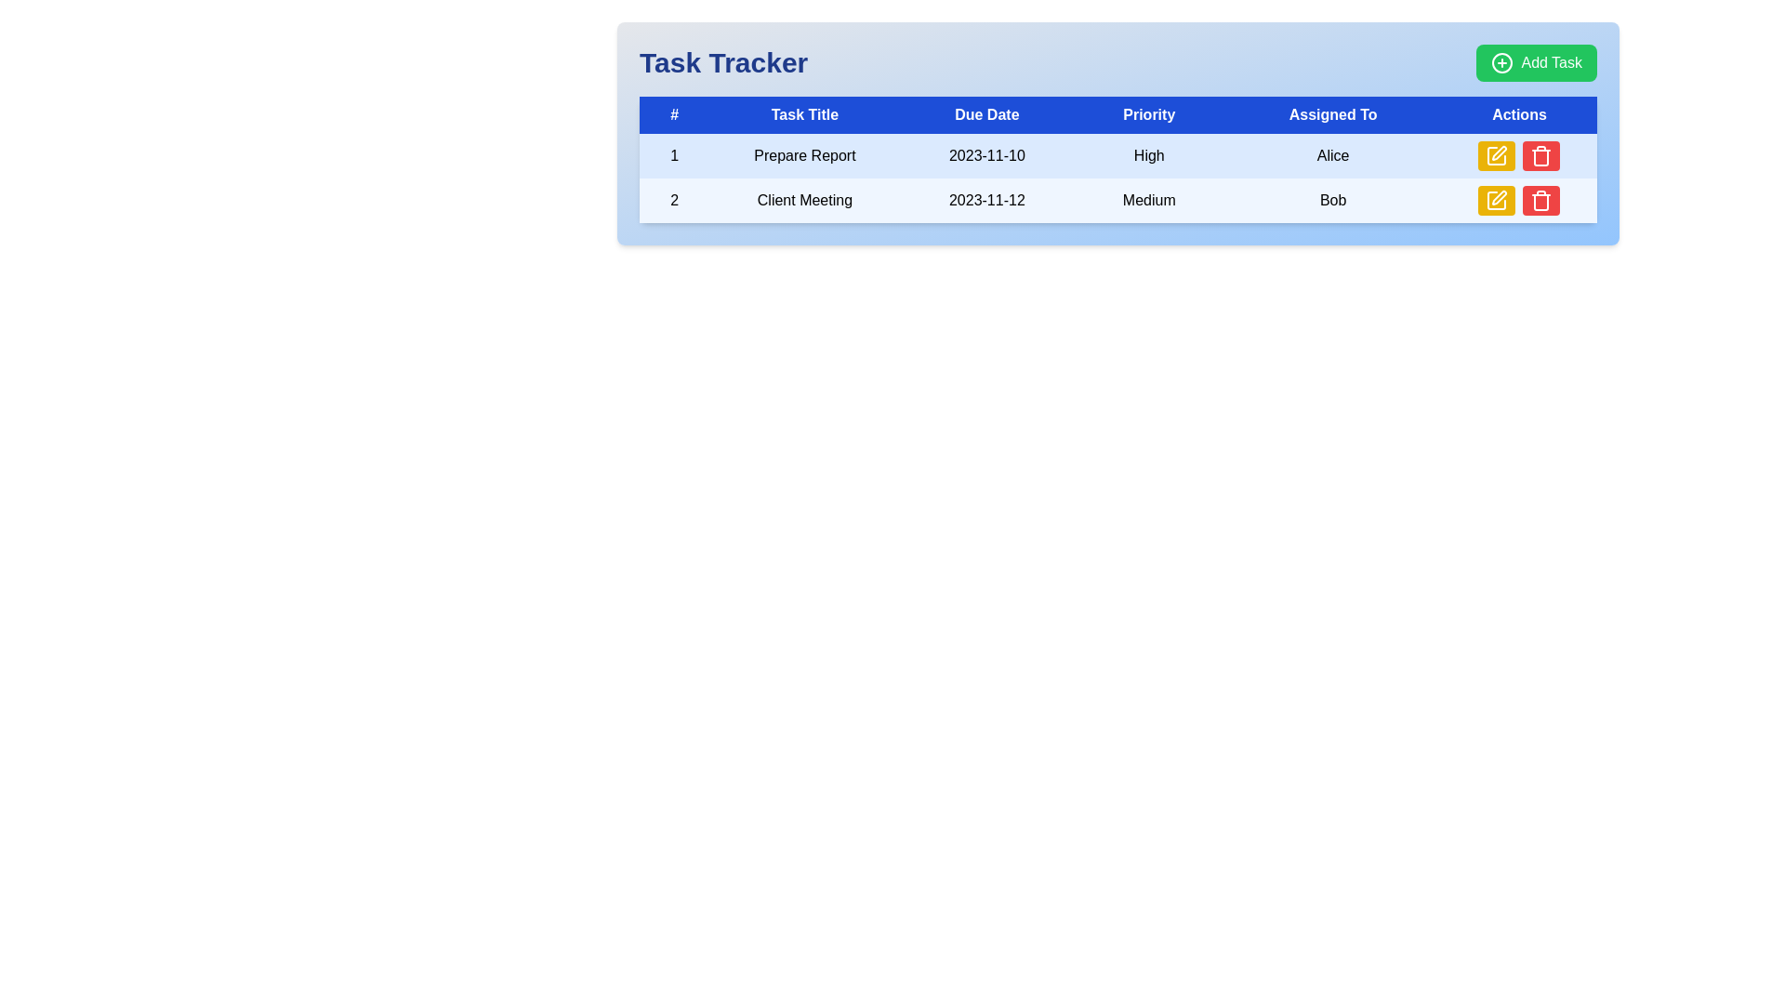 This screenshot has height=1004, width=1785. I want to click on the text label indicating the due date of the task 'Prepare Report' in the task management interface, so click(985, 155).